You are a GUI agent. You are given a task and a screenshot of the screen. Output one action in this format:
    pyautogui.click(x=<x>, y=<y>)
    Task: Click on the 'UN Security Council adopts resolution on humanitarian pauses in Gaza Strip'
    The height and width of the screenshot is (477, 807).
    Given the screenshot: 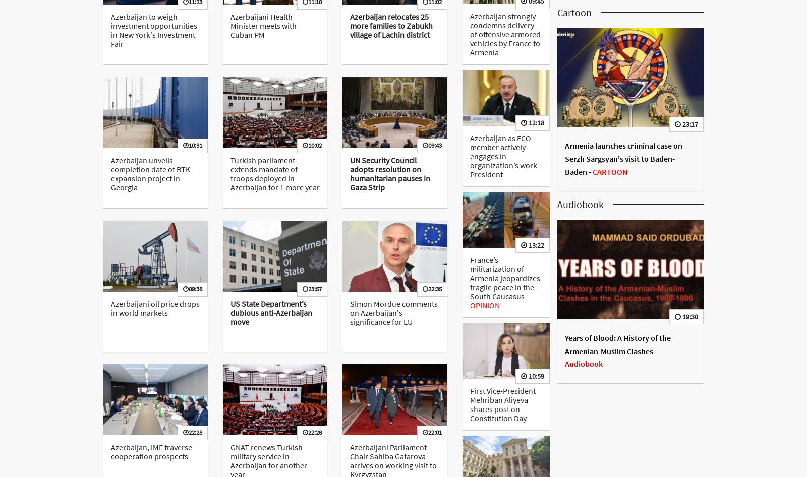 What is the action you would take?
    pyautogui.click(x=390, y=173)
    